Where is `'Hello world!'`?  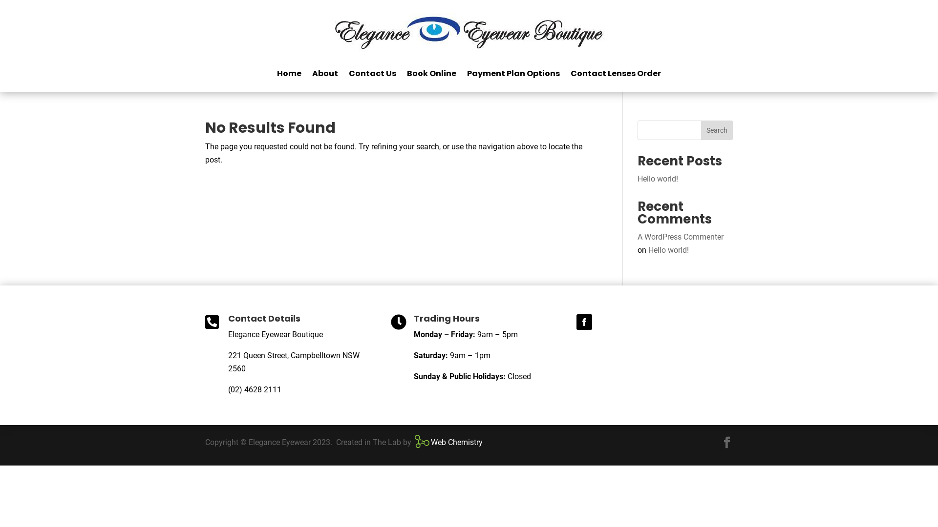
'Hello world!' is located at coordinates (668, 249).